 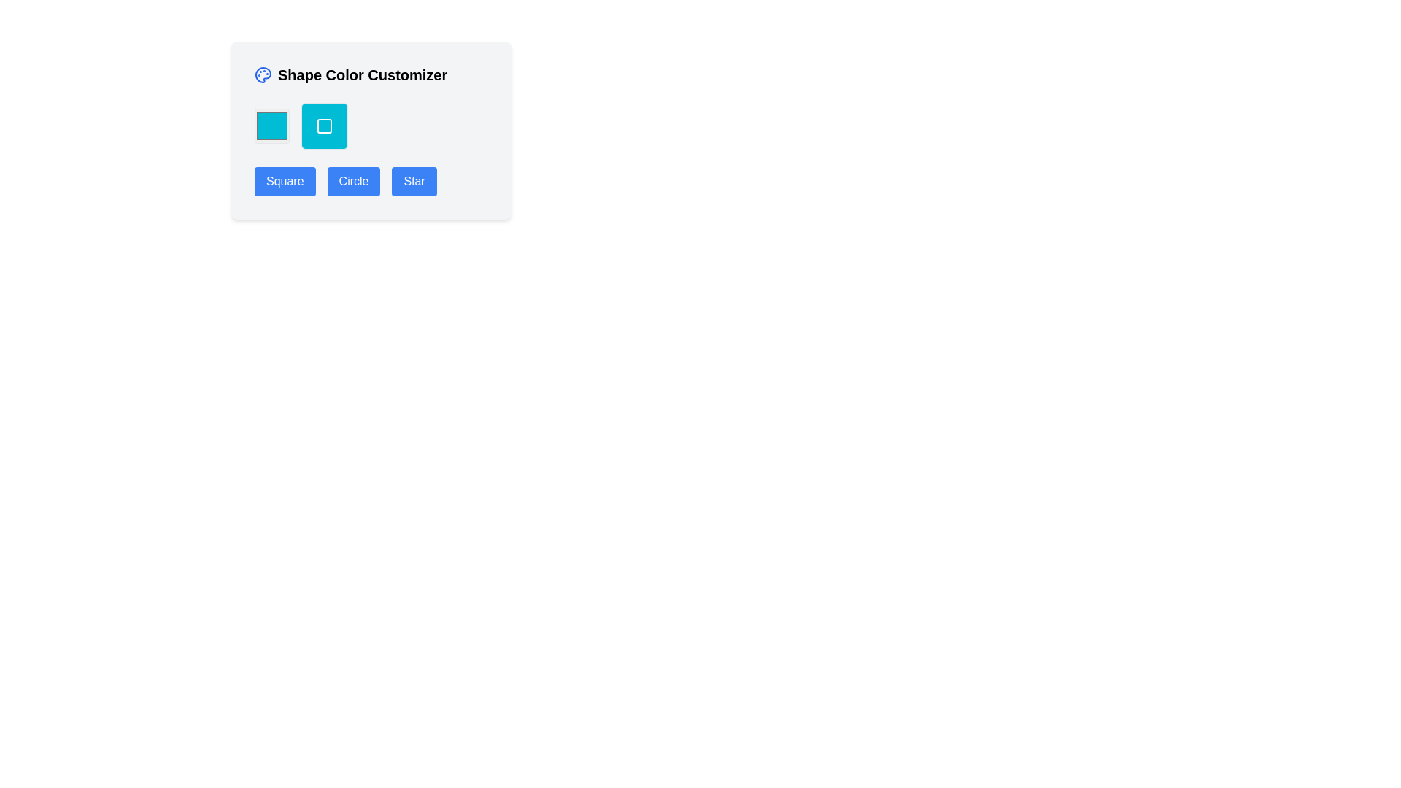 What do you see at coordinates (272, 125) in the screenshot?
I see `the glossy cyan color picker button with a rounded border` at bounding box center [272, 125].